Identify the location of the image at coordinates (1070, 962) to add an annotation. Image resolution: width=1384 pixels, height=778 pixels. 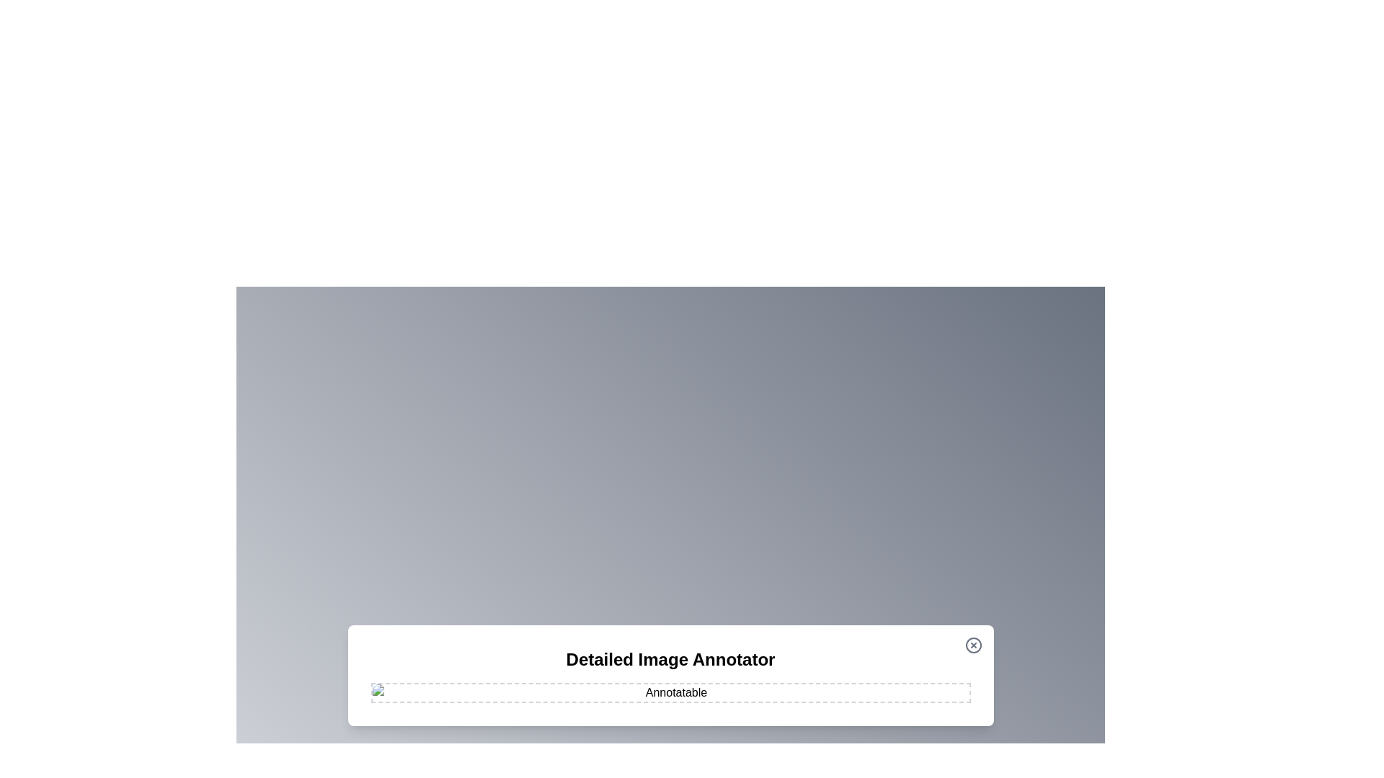
(771, 692).